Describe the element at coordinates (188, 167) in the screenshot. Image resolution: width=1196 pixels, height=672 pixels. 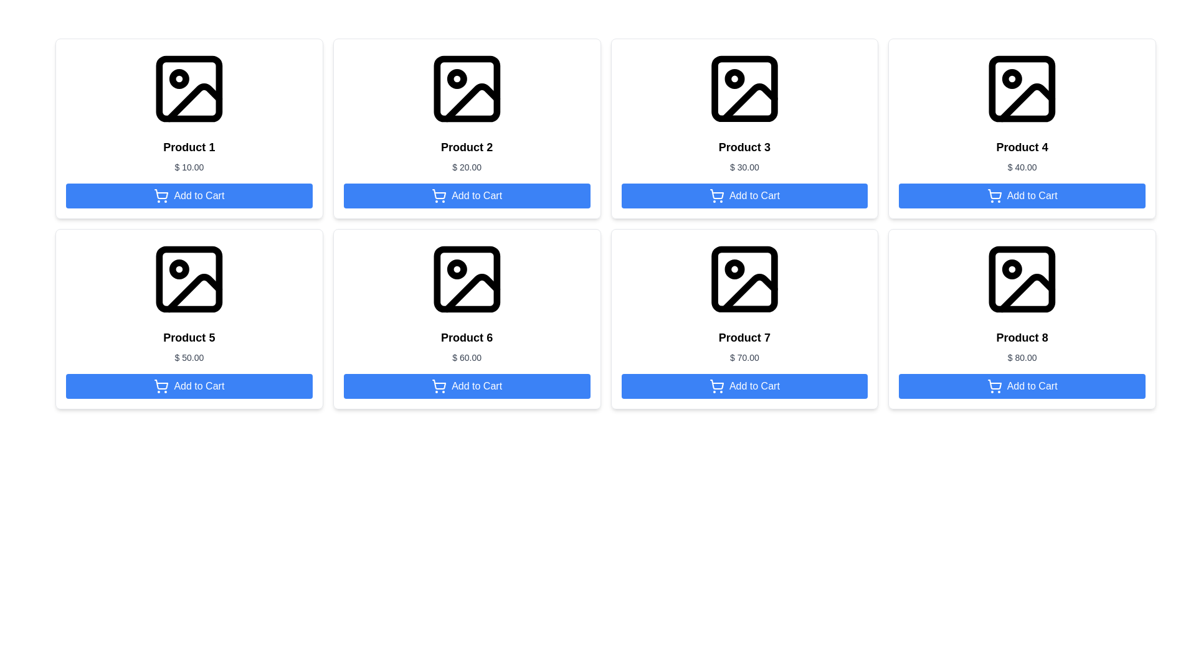
I see `price information displayed as '$ 10.00' located under the title 'Product 1' and above the 'Add to Cart' button in the first product card` at that location.